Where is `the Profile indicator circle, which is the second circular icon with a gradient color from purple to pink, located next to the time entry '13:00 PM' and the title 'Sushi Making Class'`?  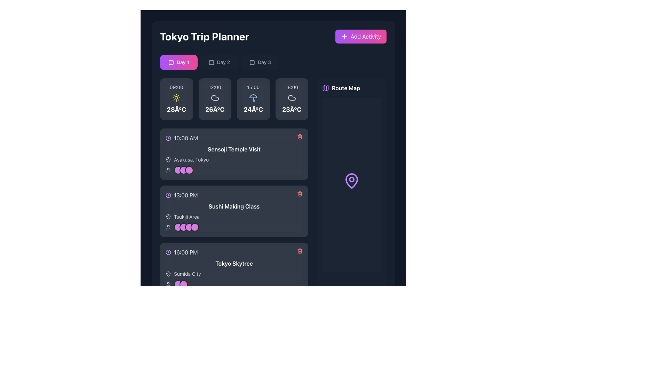 the Profile indicator circle, which is the second circular icon with a gradient color from purple to pink, located next to the time entry '13:00 PM' and the title 'Sushi Making Class' is located at coordinates (184, 227).